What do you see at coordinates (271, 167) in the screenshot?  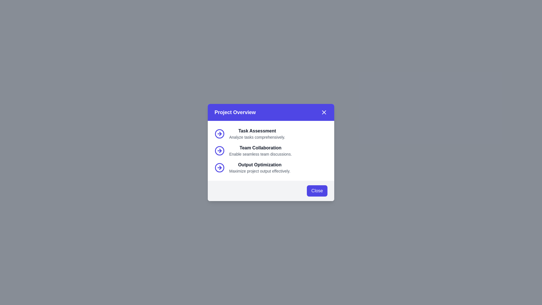 I see `the informational text block with an icon that summarizes the purpose and goal of optimizing output, located below the 'Team Collaboration' section in the modal dialog` at bounding box center [271, 167].